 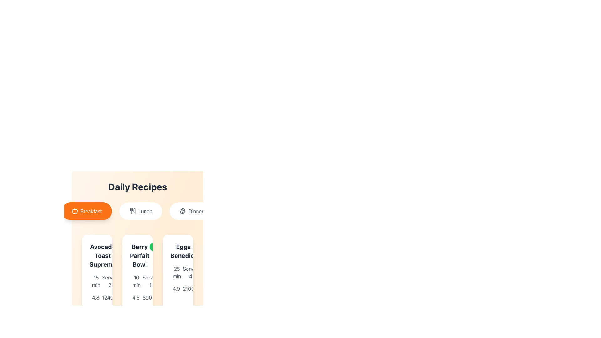 What do you see at coordinates (177, 251) in the screenshot?
I see `the 'Eggs Benedict' text element with the 'Medium' label in the third recipe card to emphasize it` at bounding box center [177, 251].